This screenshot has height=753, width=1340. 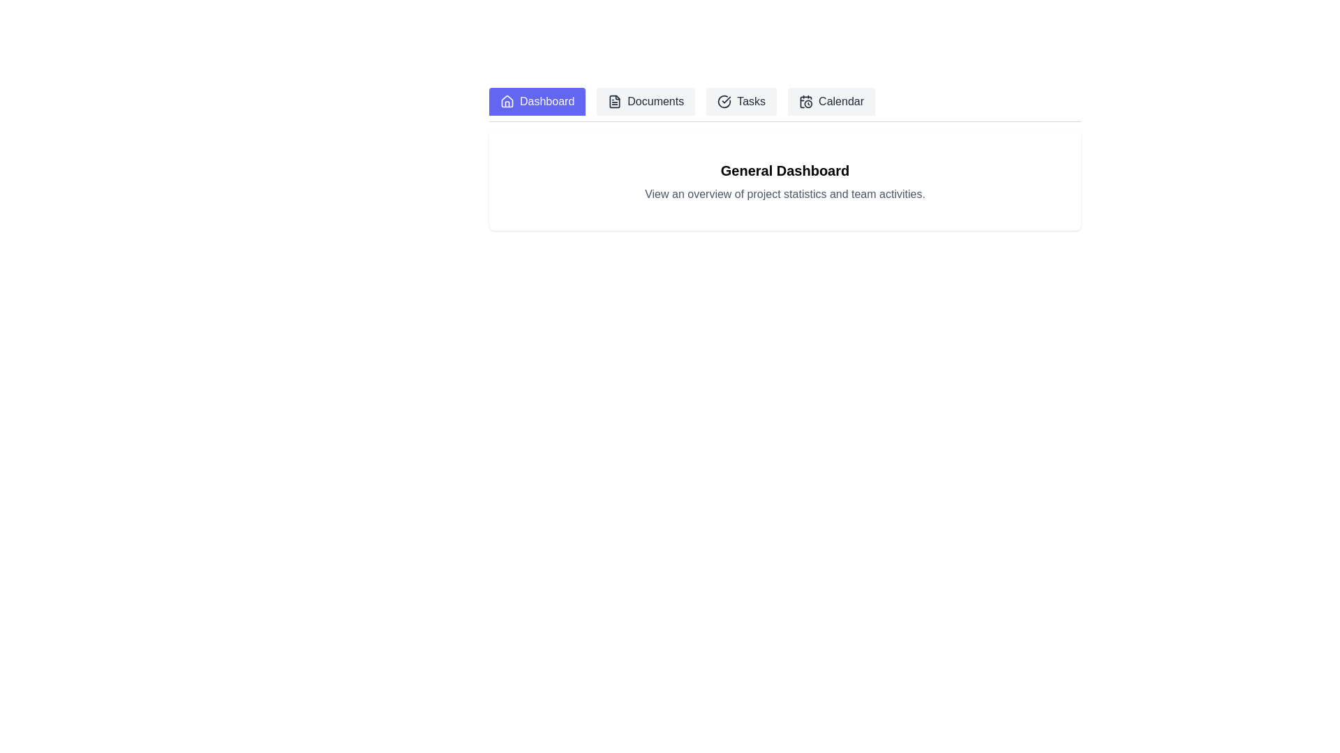 I want to click on the second navigation tab, so click(x=645, y=101).